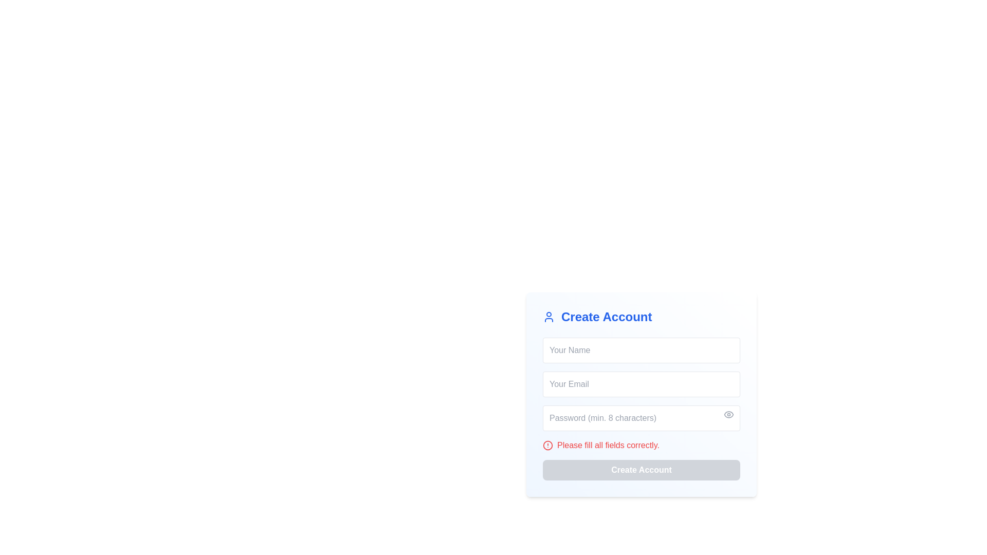  Describe the element at coordinates (641, 384) in the screenshot. I see `the email input field labeled 'Your Email'` at that location.